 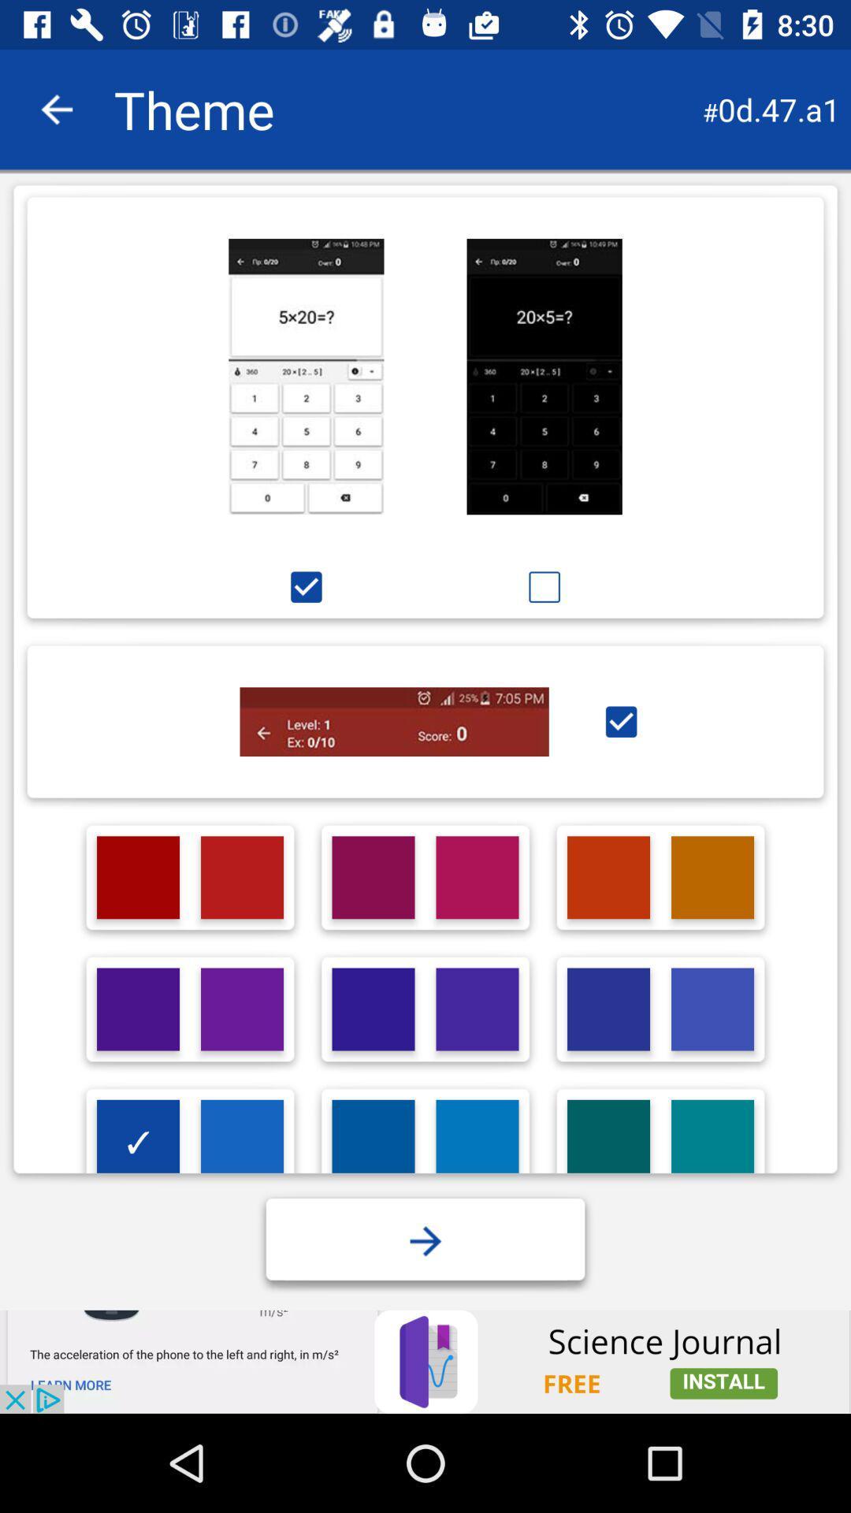 I want to click on mark, so click(x=544, y=586).